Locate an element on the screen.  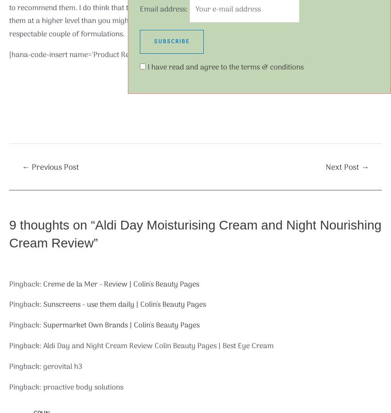
'Sunscreens - use them daily | Colin's Beauty Pages' is located at coordinates (43, 304).